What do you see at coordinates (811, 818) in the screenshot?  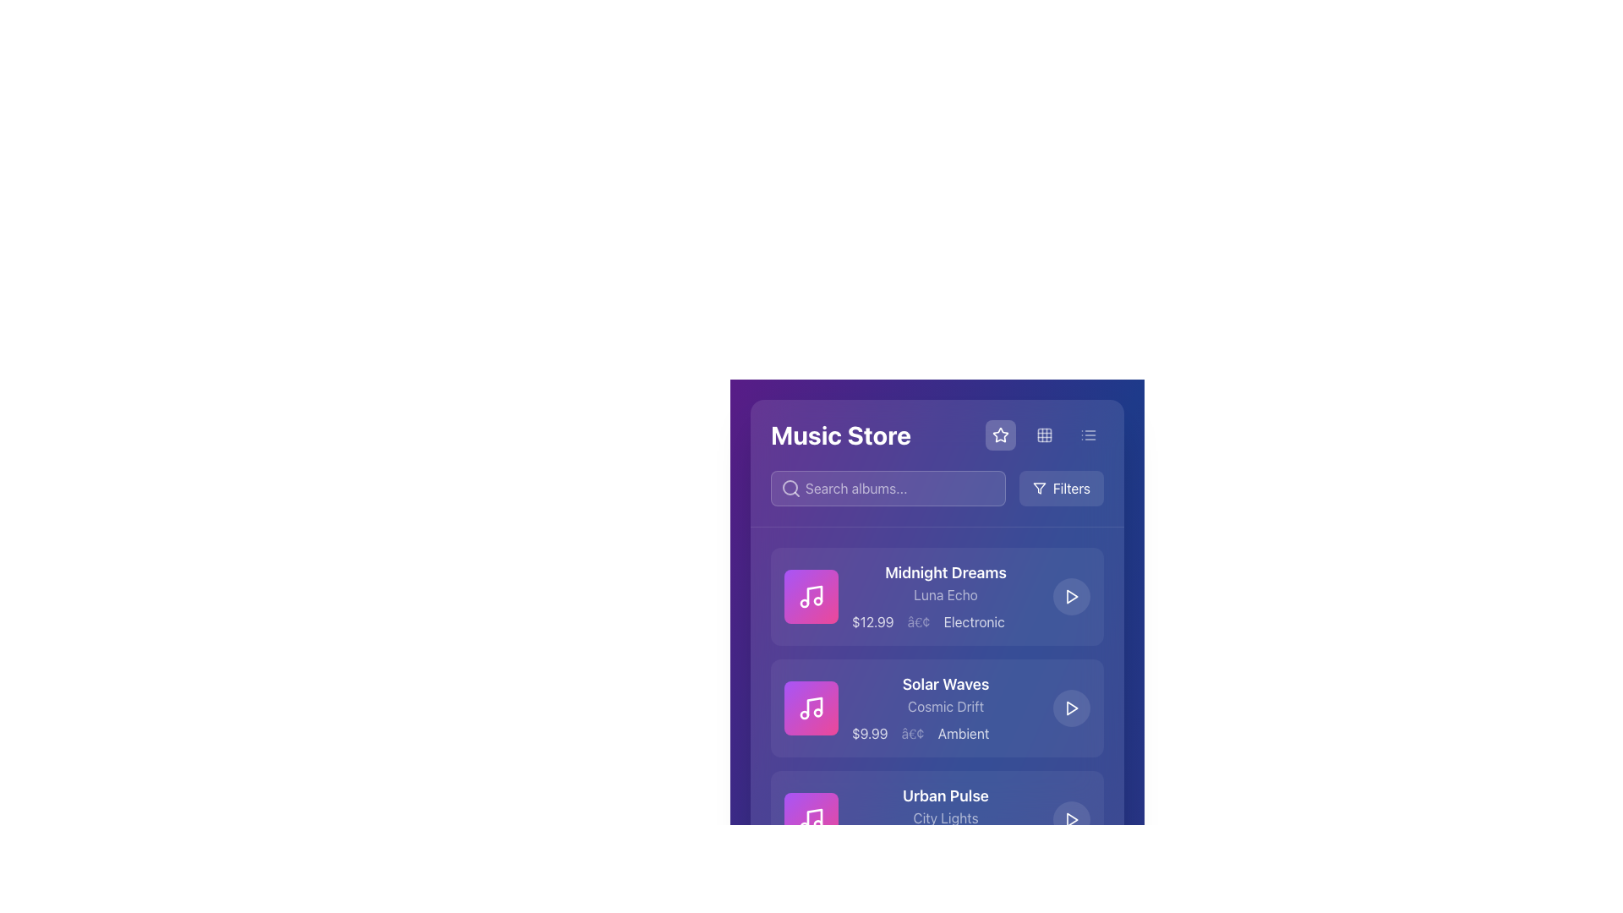 I see `the third music icon from the top in the Music Store interface, which visually represents audio content for the album 'Urban Pulse'` at bounding box center [811, 818].